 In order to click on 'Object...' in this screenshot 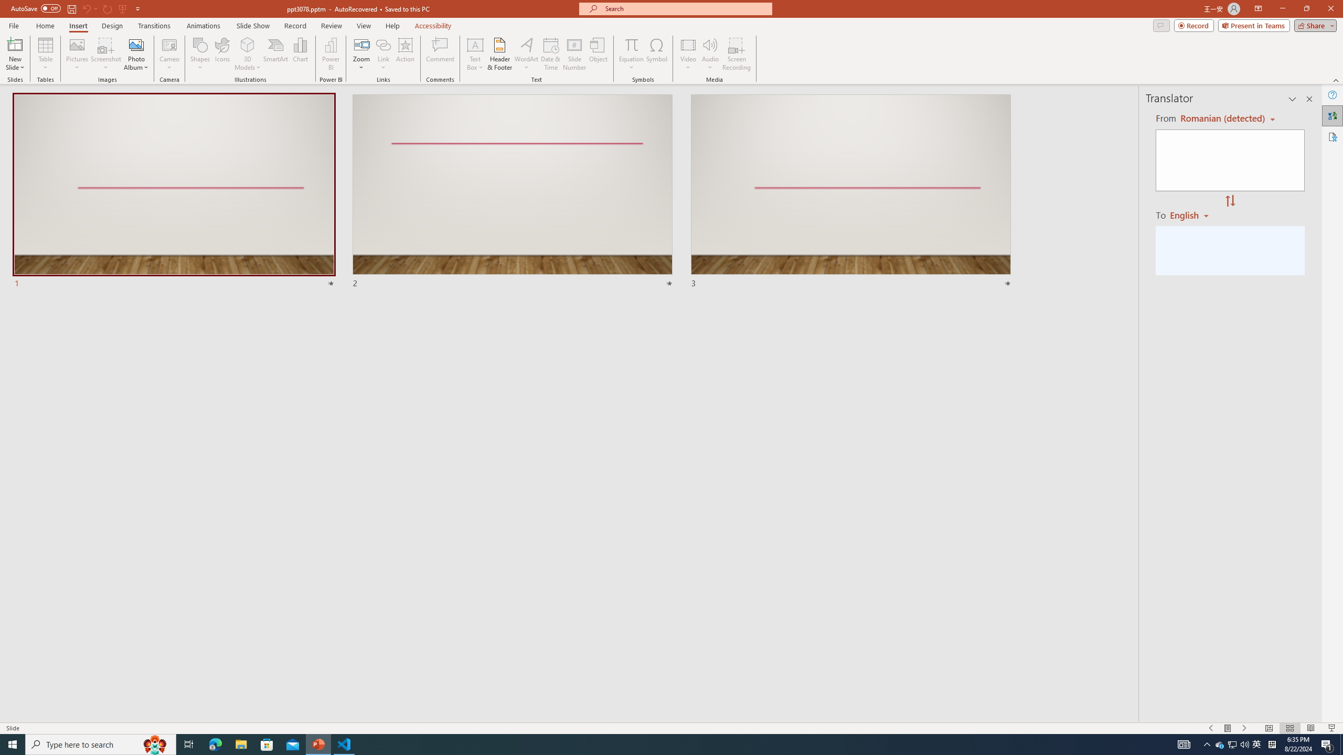, I will do `click(599, 54)`.